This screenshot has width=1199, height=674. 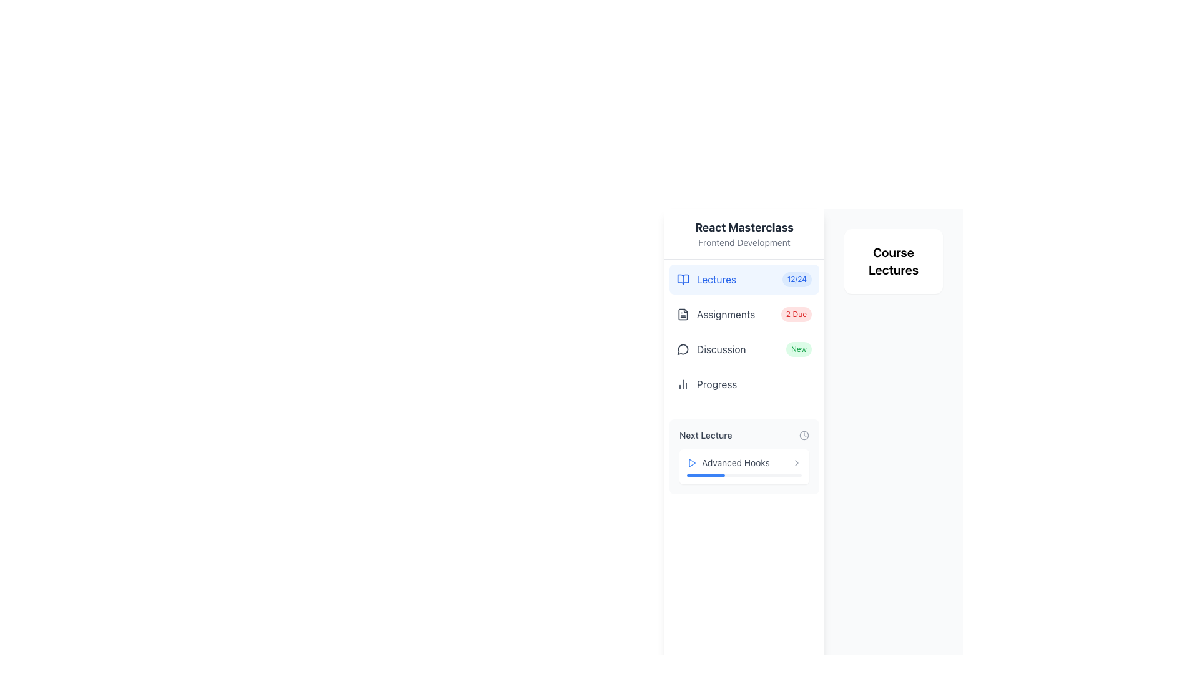 I want to click on the icon that represents navigation to lectures, located to the left of the text 'Lectures' in the card styled section labeled 'Lectures 12/24', so click(x=683, y=278).